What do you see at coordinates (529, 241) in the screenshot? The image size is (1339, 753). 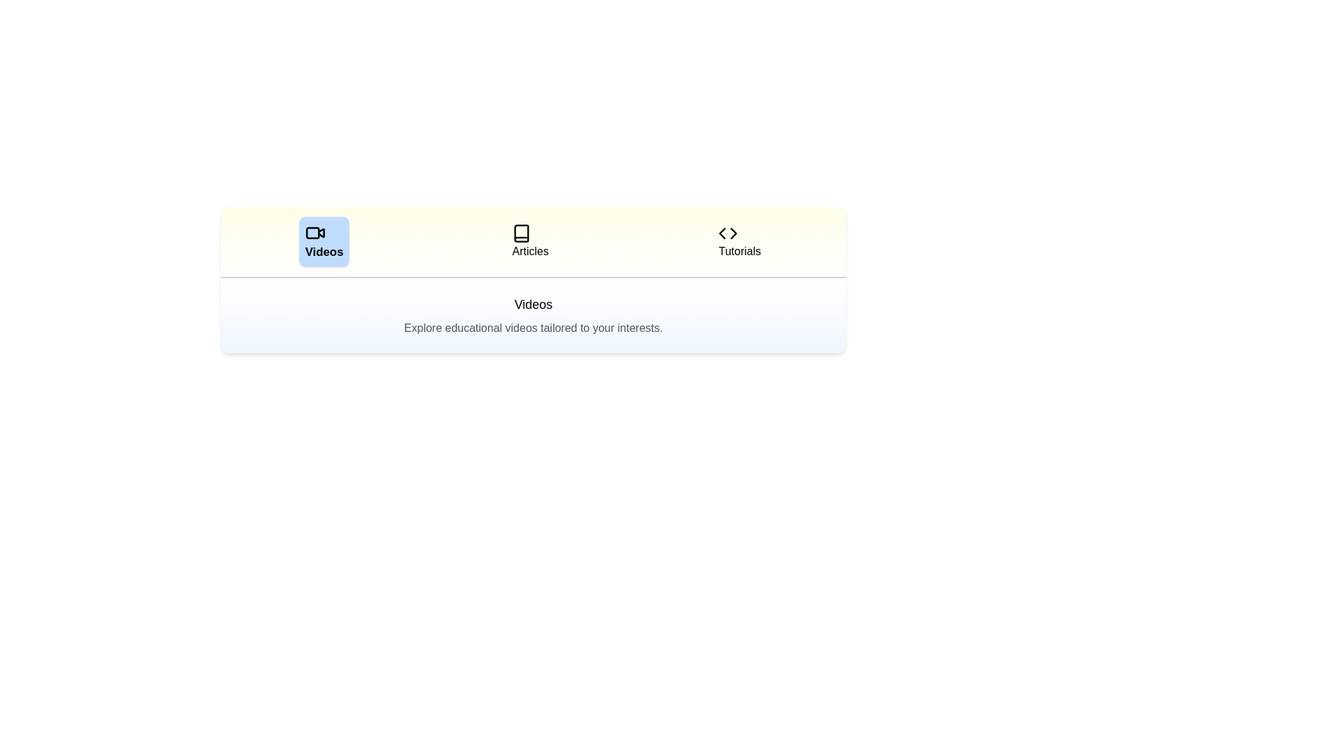 I see `the tab labeled Articles` at bounding box center [529, 241].